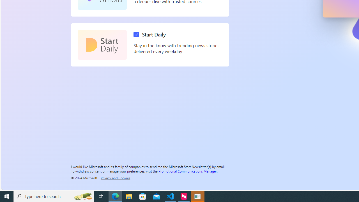  Describe the element at coordinates (115, 178) in the screenshot. I see `'Privacy and Cookies'` at that location.